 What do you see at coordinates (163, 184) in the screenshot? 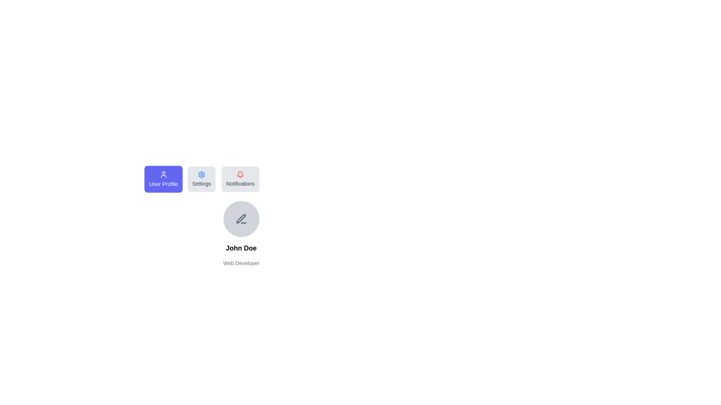
I see `the 'User Profile' text label, which serves as the identifier for the profile button located in the upper-central area of the interface` at bounding box center [163, 184].